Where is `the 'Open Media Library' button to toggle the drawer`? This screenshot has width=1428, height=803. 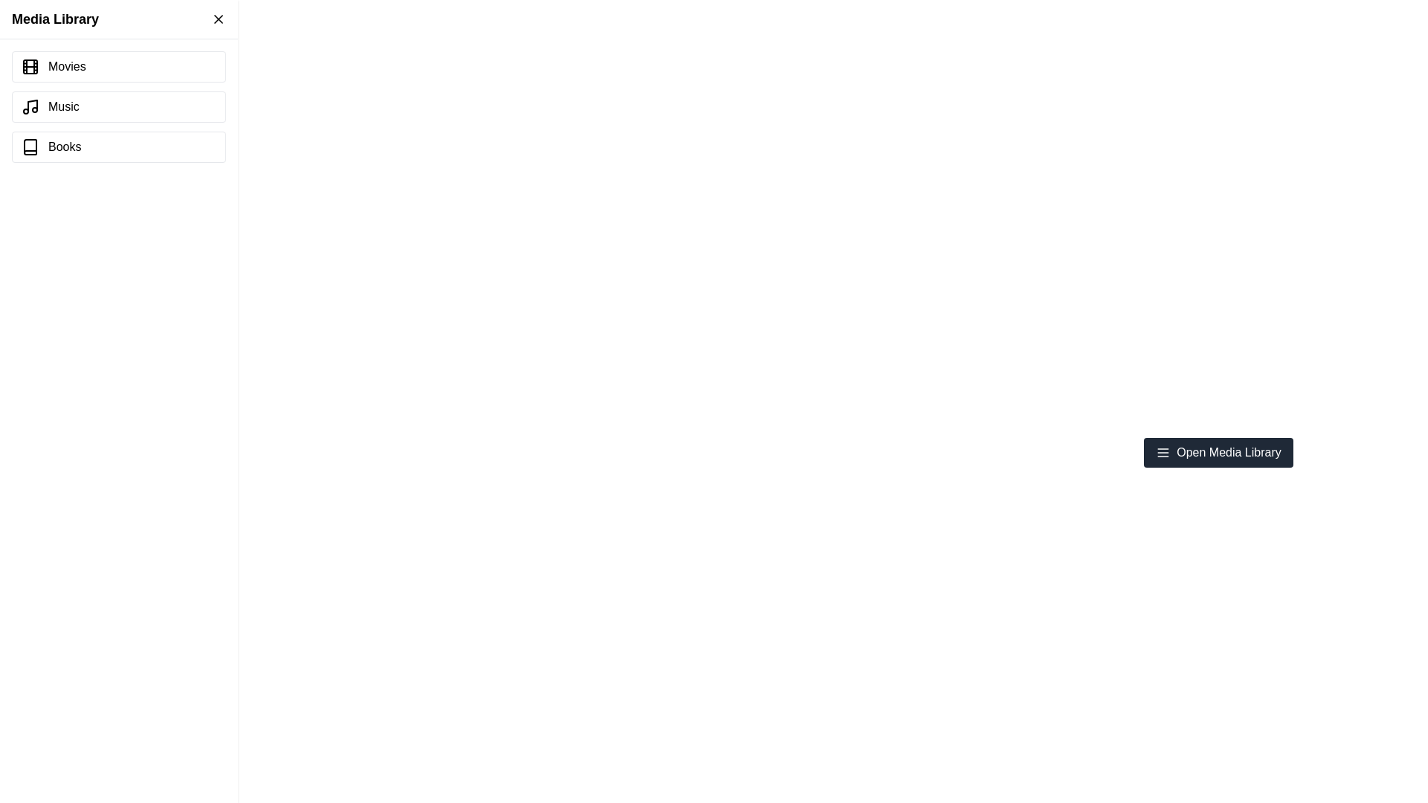
the 'Open Media Library' button to toggle the drawer is located at coordinates (1218, 452).